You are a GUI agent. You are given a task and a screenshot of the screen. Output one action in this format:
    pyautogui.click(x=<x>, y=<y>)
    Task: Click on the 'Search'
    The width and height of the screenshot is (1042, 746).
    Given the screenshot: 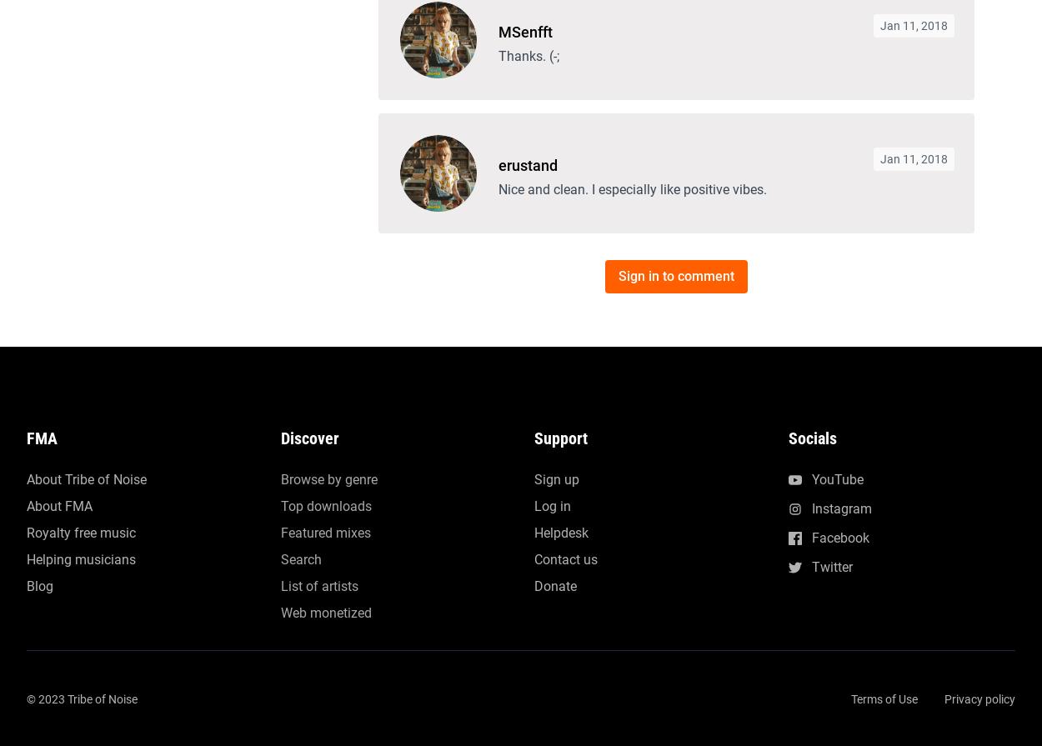 What is the action you would take?
    pyautogui.click(x=299, y=29)
    